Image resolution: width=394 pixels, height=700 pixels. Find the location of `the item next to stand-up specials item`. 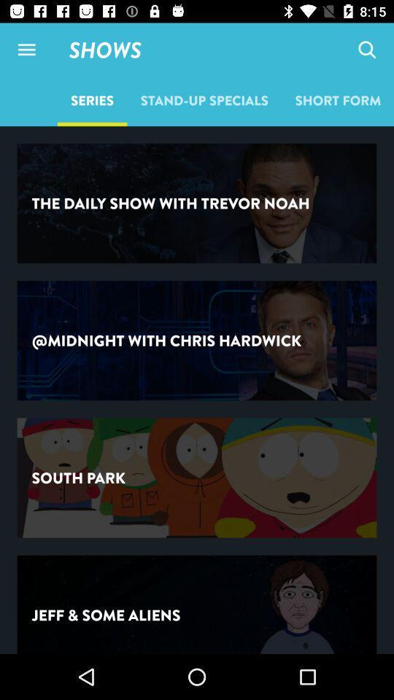

the item next to stand-up specials item is located at coordinates (338, 99).